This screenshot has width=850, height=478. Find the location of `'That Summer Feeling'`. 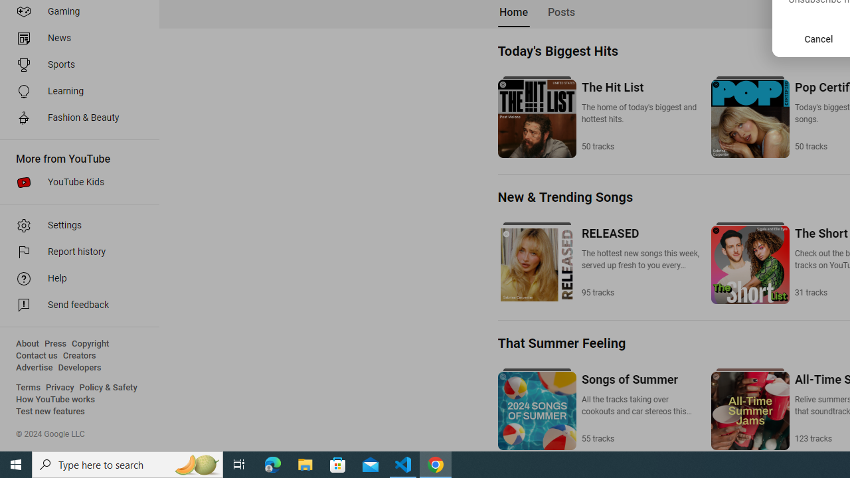

'That Summer Feeling' is located at coordinates (562, 343).